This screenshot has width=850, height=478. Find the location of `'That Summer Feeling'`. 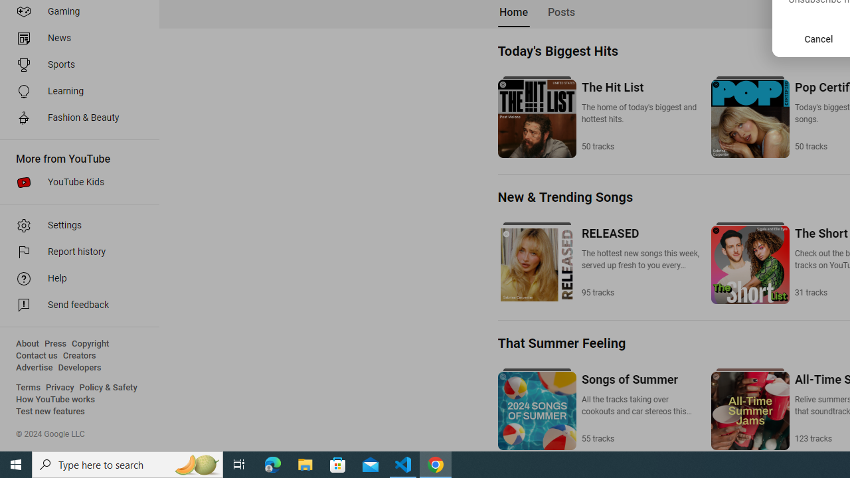

'That Summer Feeling' is located at coordinates (562, 343).